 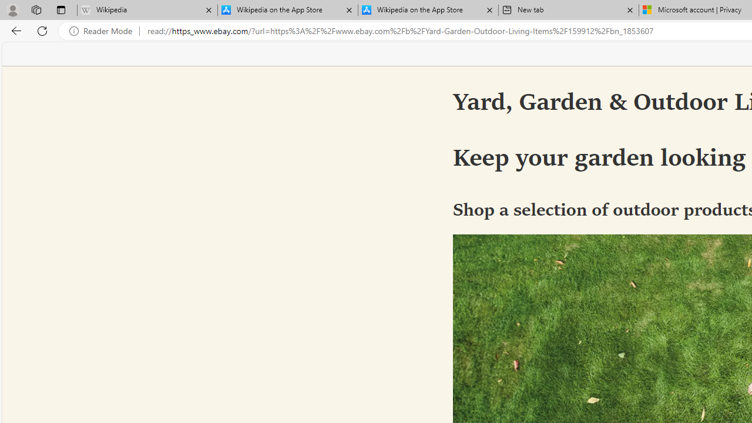 I want to click on 'Reader Mode', so click(x=104, y=31).